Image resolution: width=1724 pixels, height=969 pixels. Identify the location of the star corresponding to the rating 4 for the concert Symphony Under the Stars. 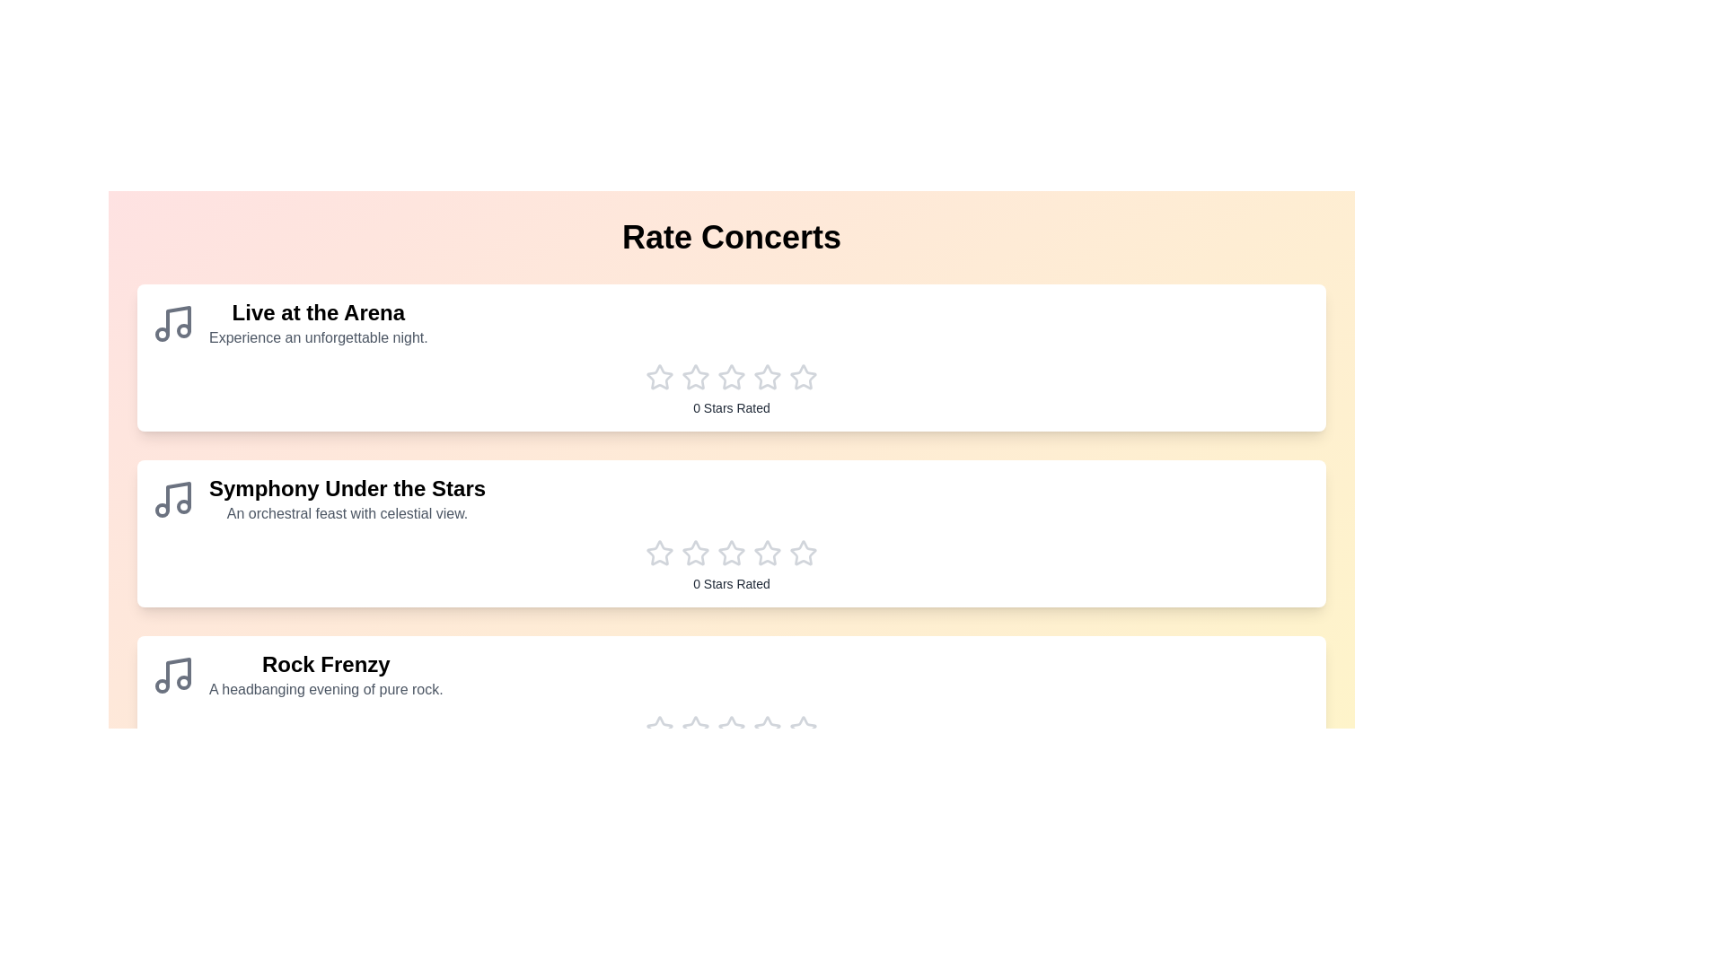
(767, 553).